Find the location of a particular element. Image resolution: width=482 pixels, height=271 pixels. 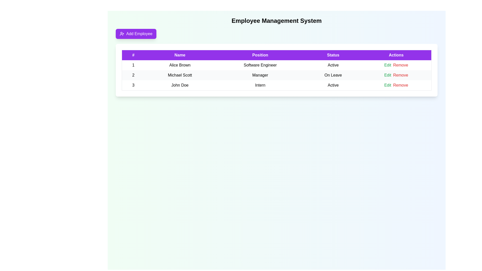

the 'Edit' text link, which is styled in green and located in the second row under the 'Actions' column adjacent to the 'Remove' link for employee Michael Scott is located at coordinates (387, 75).